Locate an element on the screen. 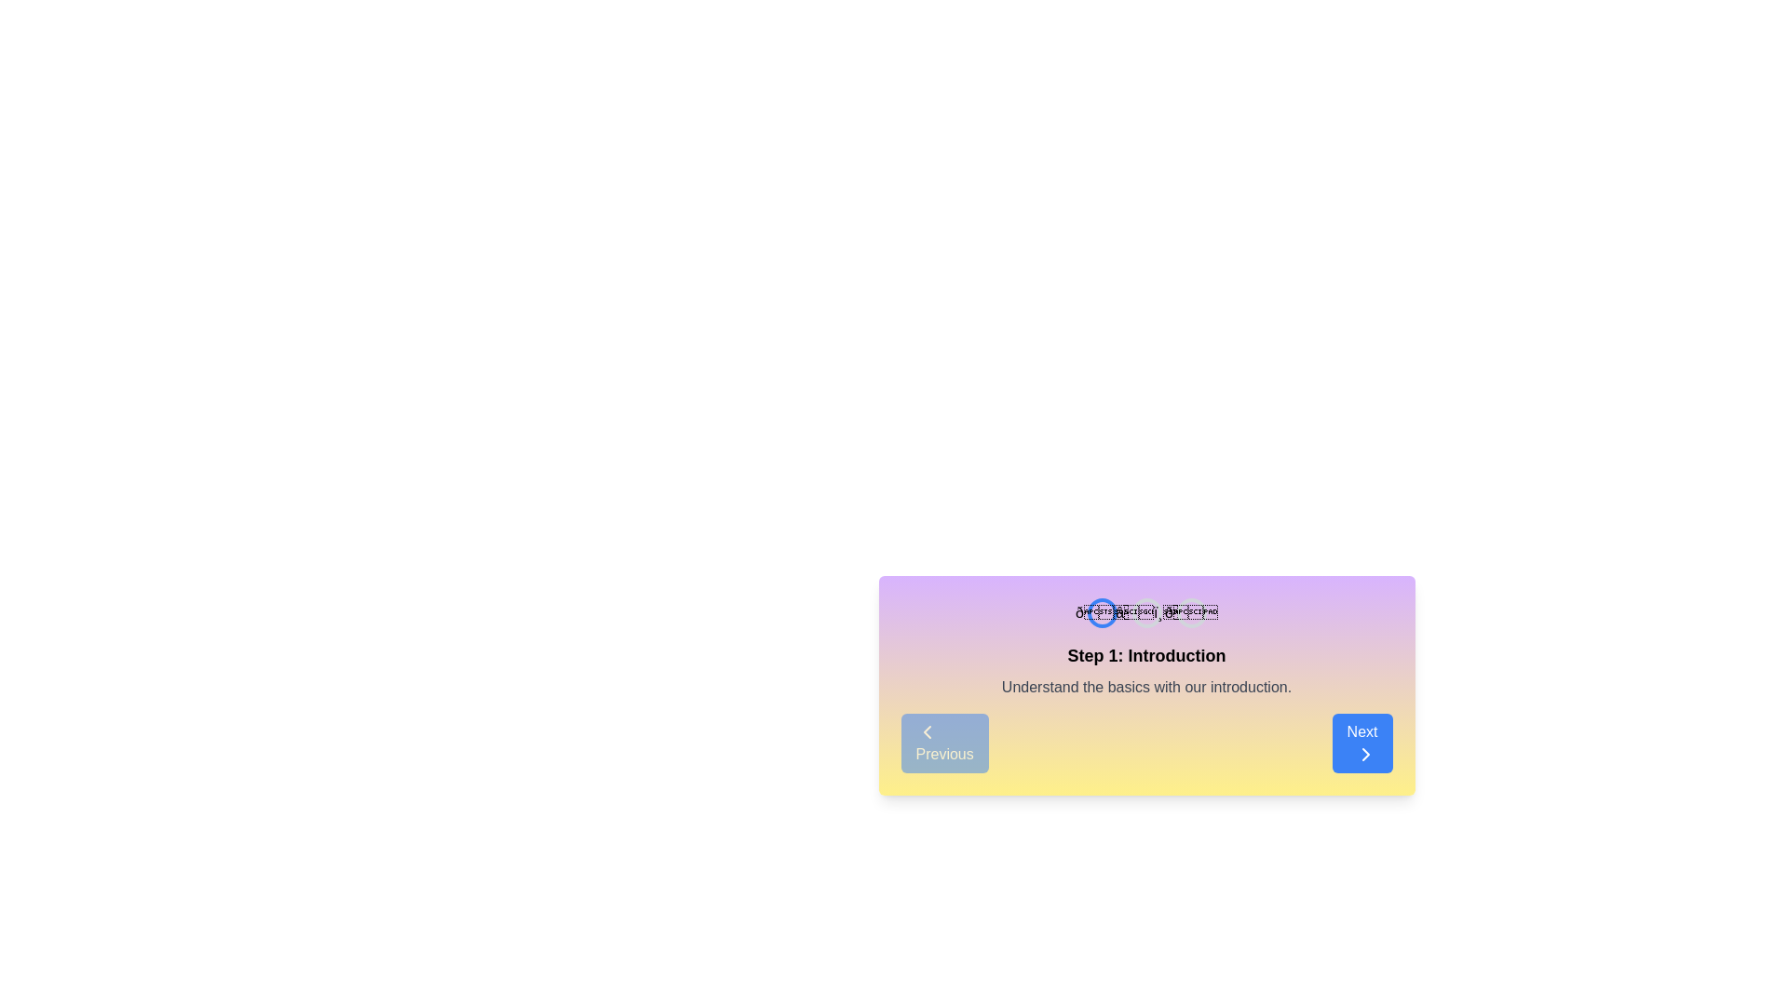  the second icon in the set of three icons that serves as a step indicator for the multi-step process, located above the section titled 'Step 1: Introduction' is located at coordinates (1145, 613).